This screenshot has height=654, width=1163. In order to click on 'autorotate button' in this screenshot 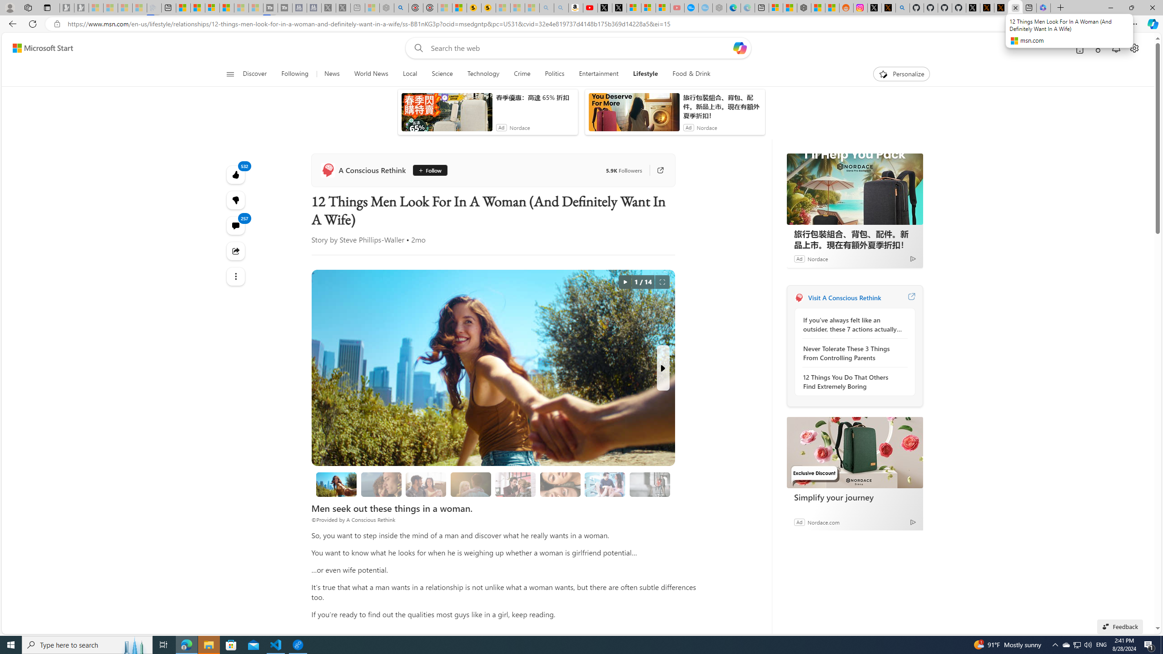, I will do `click(625, 282)`.